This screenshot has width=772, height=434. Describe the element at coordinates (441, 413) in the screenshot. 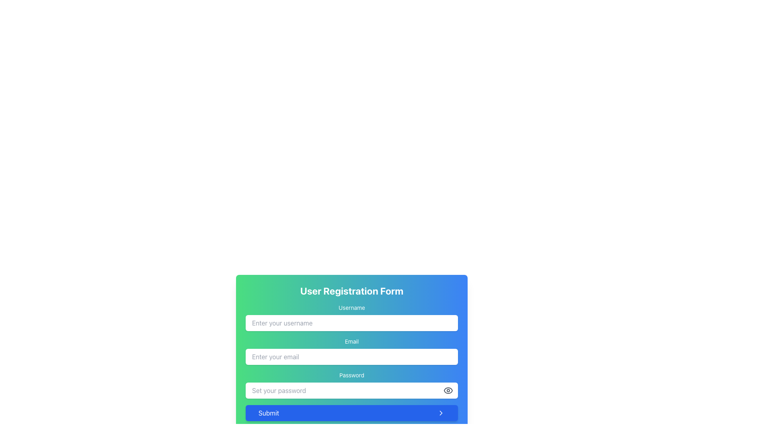

I see `the chevron icon located at the bottom-right corner of the user interface, which signifies forward navigation or progression` at that location.